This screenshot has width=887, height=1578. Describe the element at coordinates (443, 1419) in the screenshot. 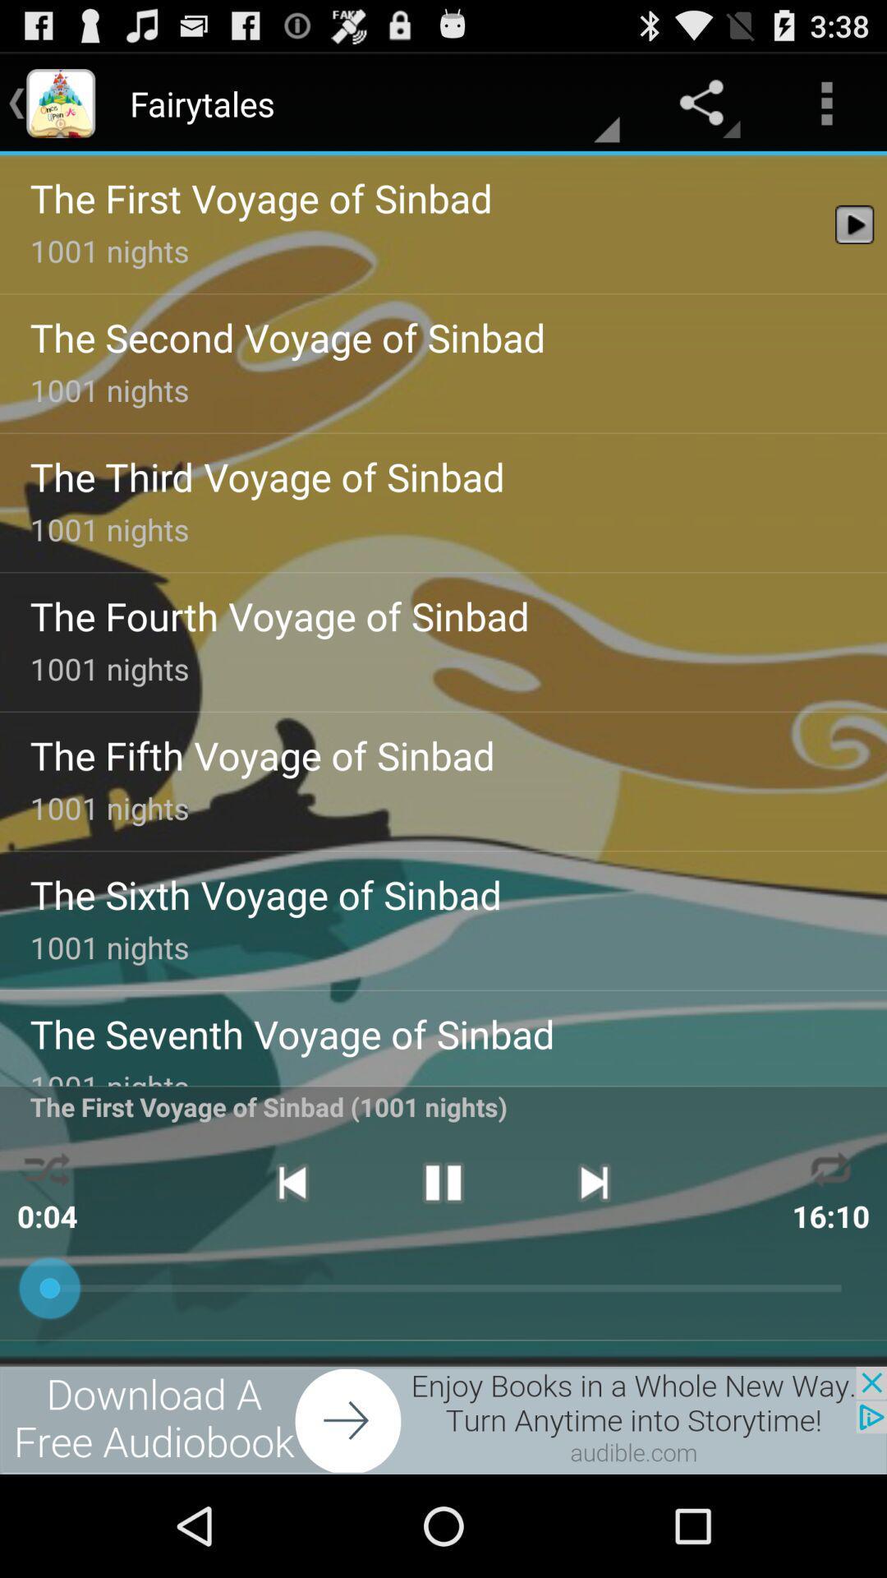

I see `click advertisement` at that location.